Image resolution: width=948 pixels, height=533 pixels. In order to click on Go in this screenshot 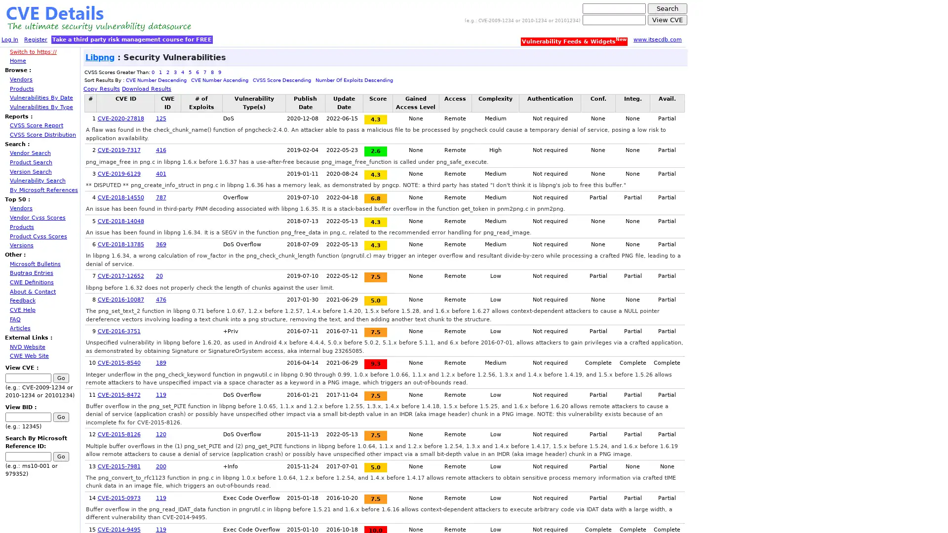, I will do `click(61, 417)`.